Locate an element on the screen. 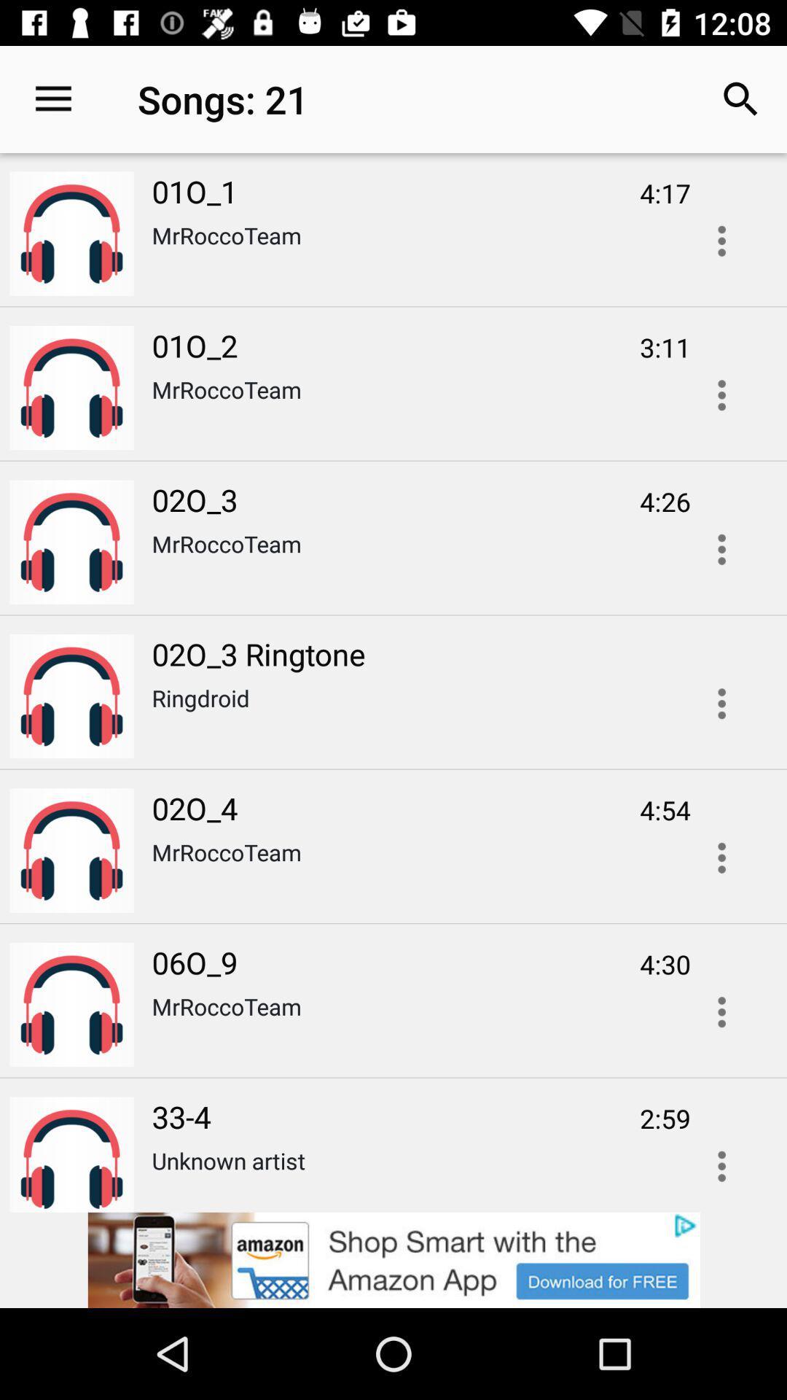 Image resolution: width=787 pixels, height=1400 pixels. menu button is located at coordinates (721, 1161).